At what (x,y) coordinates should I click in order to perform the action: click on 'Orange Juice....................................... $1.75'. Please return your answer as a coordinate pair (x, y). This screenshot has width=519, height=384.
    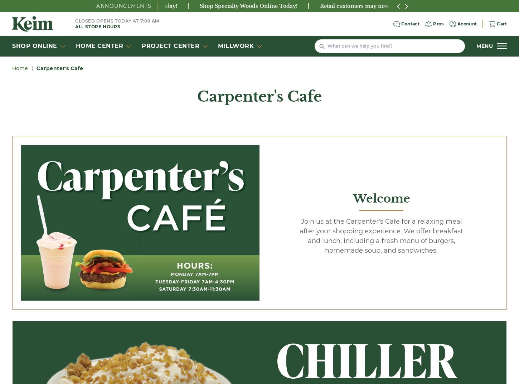
    Looking at the image, I should click on (184, 100).